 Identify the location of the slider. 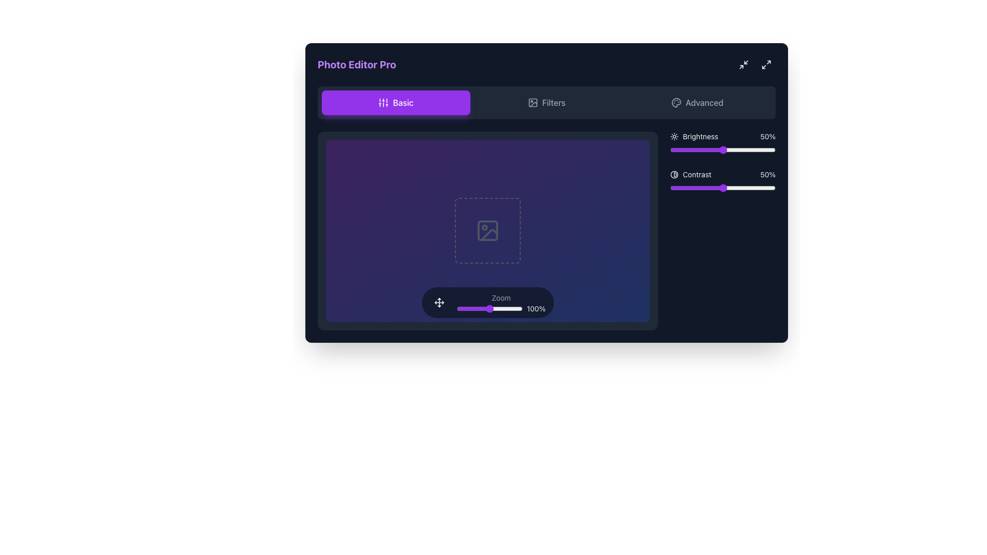
(725, 188).